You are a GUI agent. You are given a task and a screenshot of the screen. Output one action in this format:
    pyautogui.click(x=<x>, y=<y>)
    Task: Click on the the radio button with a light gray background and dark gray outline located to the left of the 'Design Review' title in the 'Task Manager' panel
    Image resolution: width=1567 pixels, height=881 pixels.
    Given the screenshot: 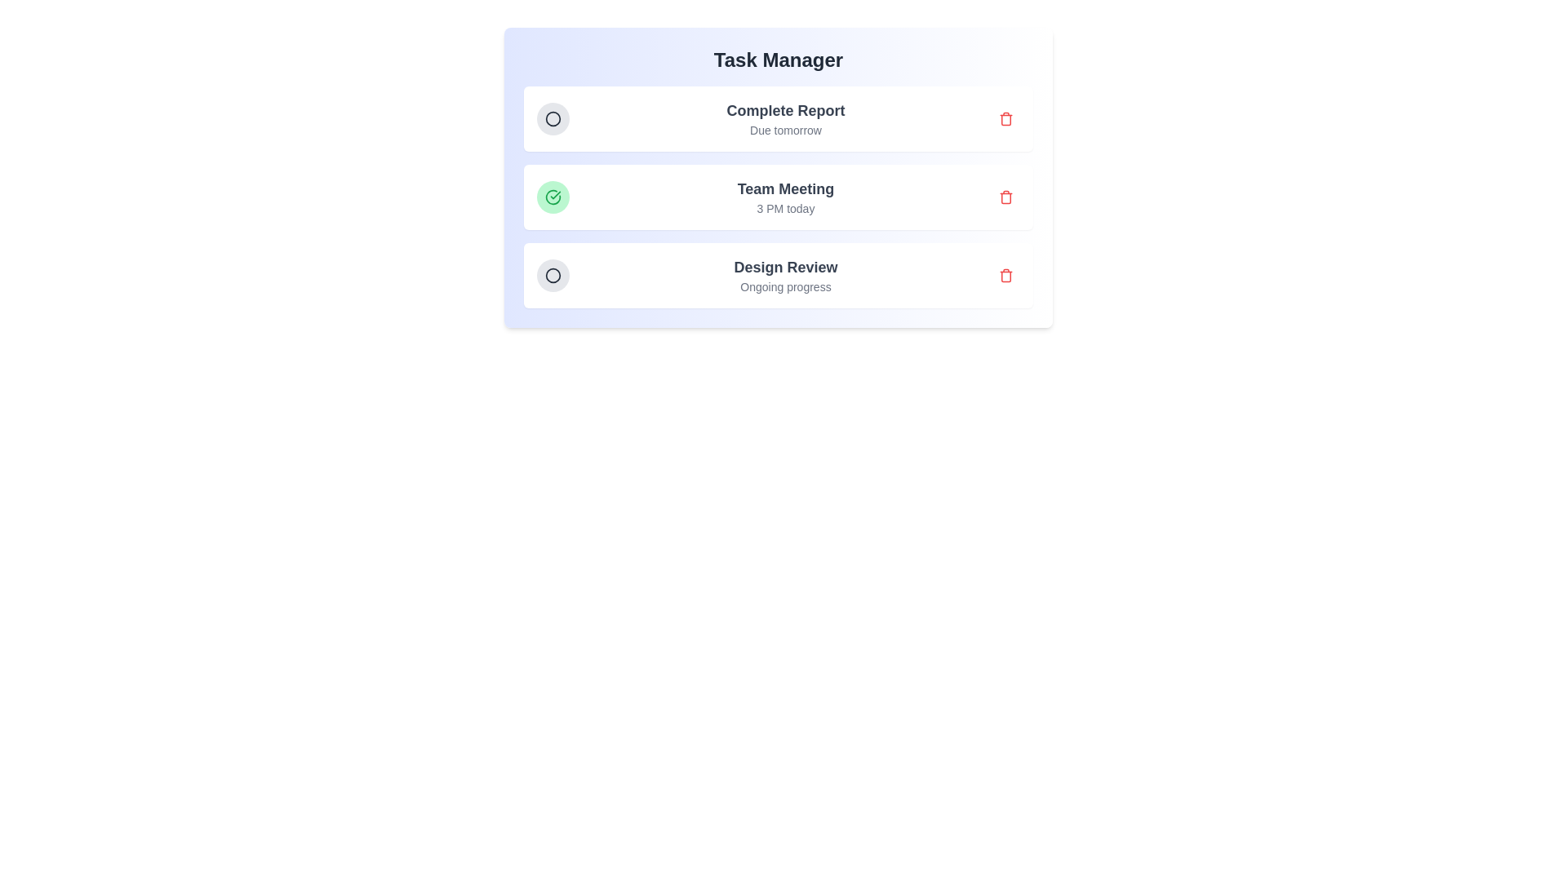 What is the action you would take?
    pyautogui.click(x=553, y=275)
    